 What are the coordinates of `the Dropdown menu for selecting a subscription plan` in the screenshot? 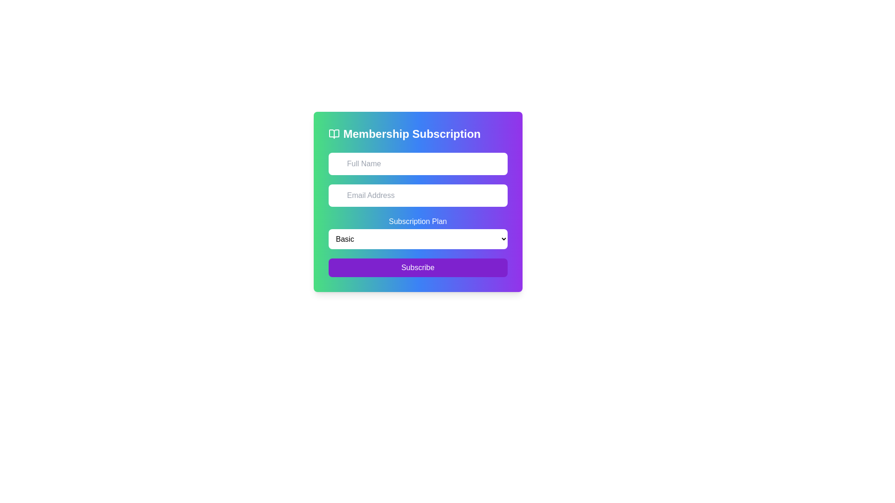 It's located at (417, 238).